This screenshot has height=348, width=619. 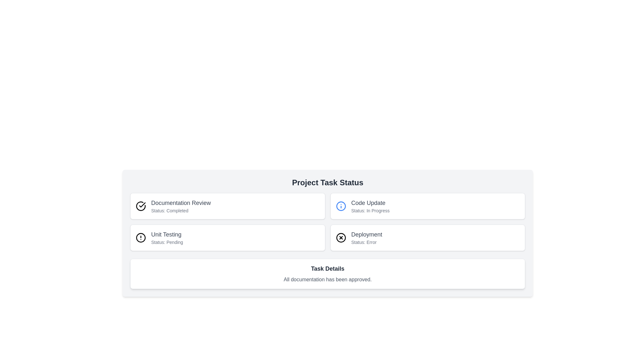 What do you see at coordinates (181, 211) in the screenshot?
I see `static text label displaying 'Status: Completed', which is located below the 'Documentation Review' section in the main content area` at bounding box center [181, 211].